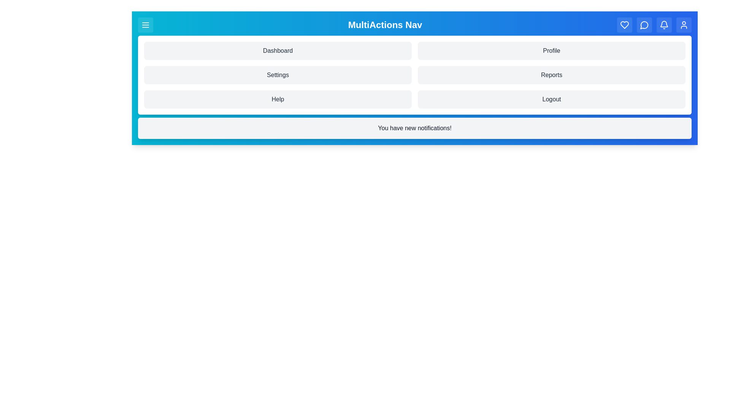 The height and width of the screenshot is (410, 730). Describe the element at coordinates (664, 24) in the screenshot. I see `bell icon to toggle the notifications panel` at that location.